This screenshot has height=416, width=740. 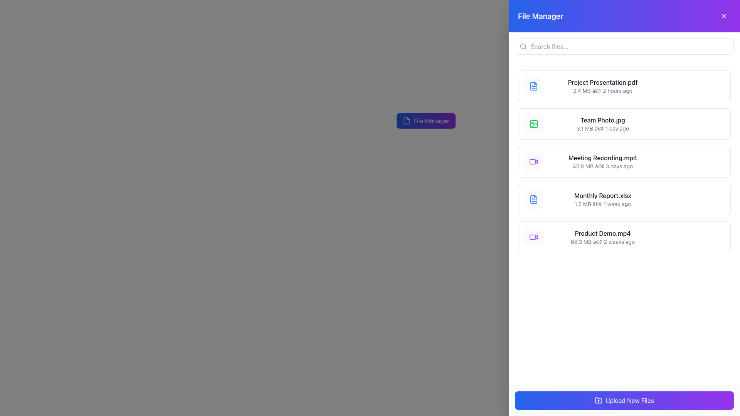 I want to click on on the text element displaying the file name 'Monthly Report.xlsx', so click(x=602, y=195).